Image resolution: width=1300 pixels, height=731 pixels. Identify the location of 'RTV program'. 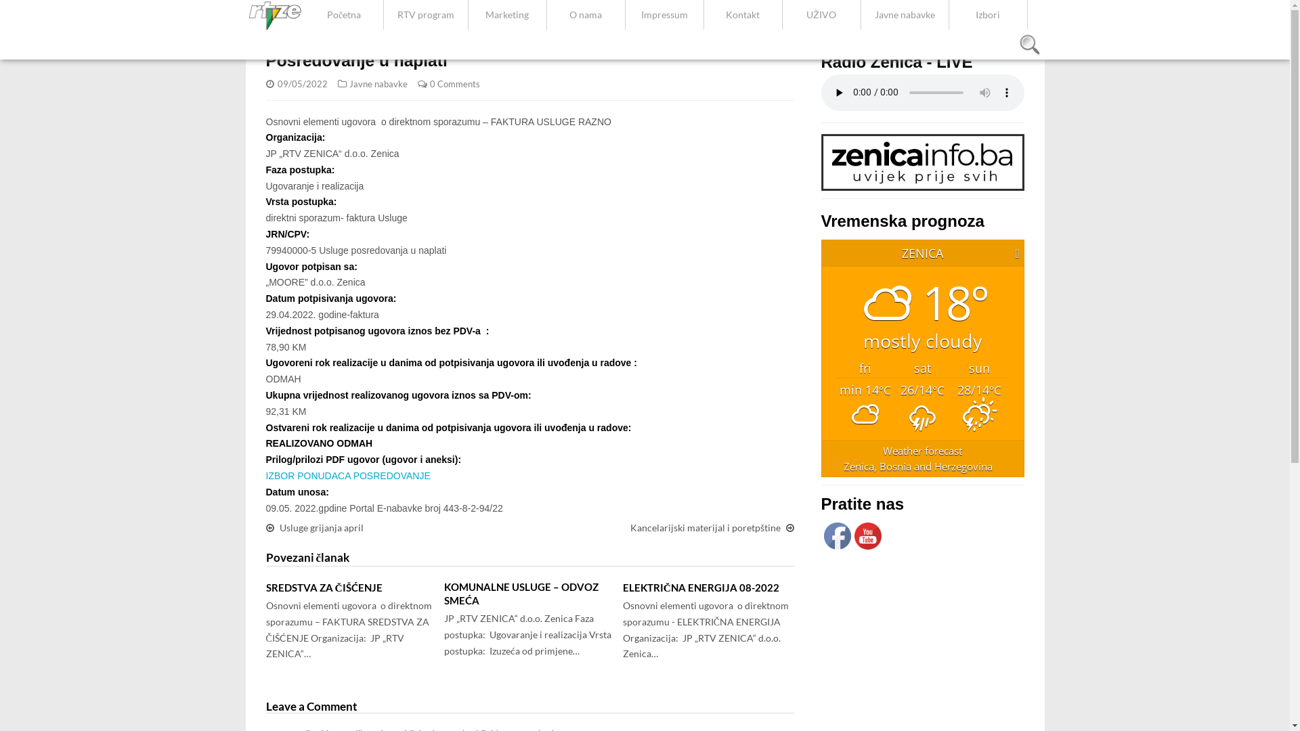
(383, 15).